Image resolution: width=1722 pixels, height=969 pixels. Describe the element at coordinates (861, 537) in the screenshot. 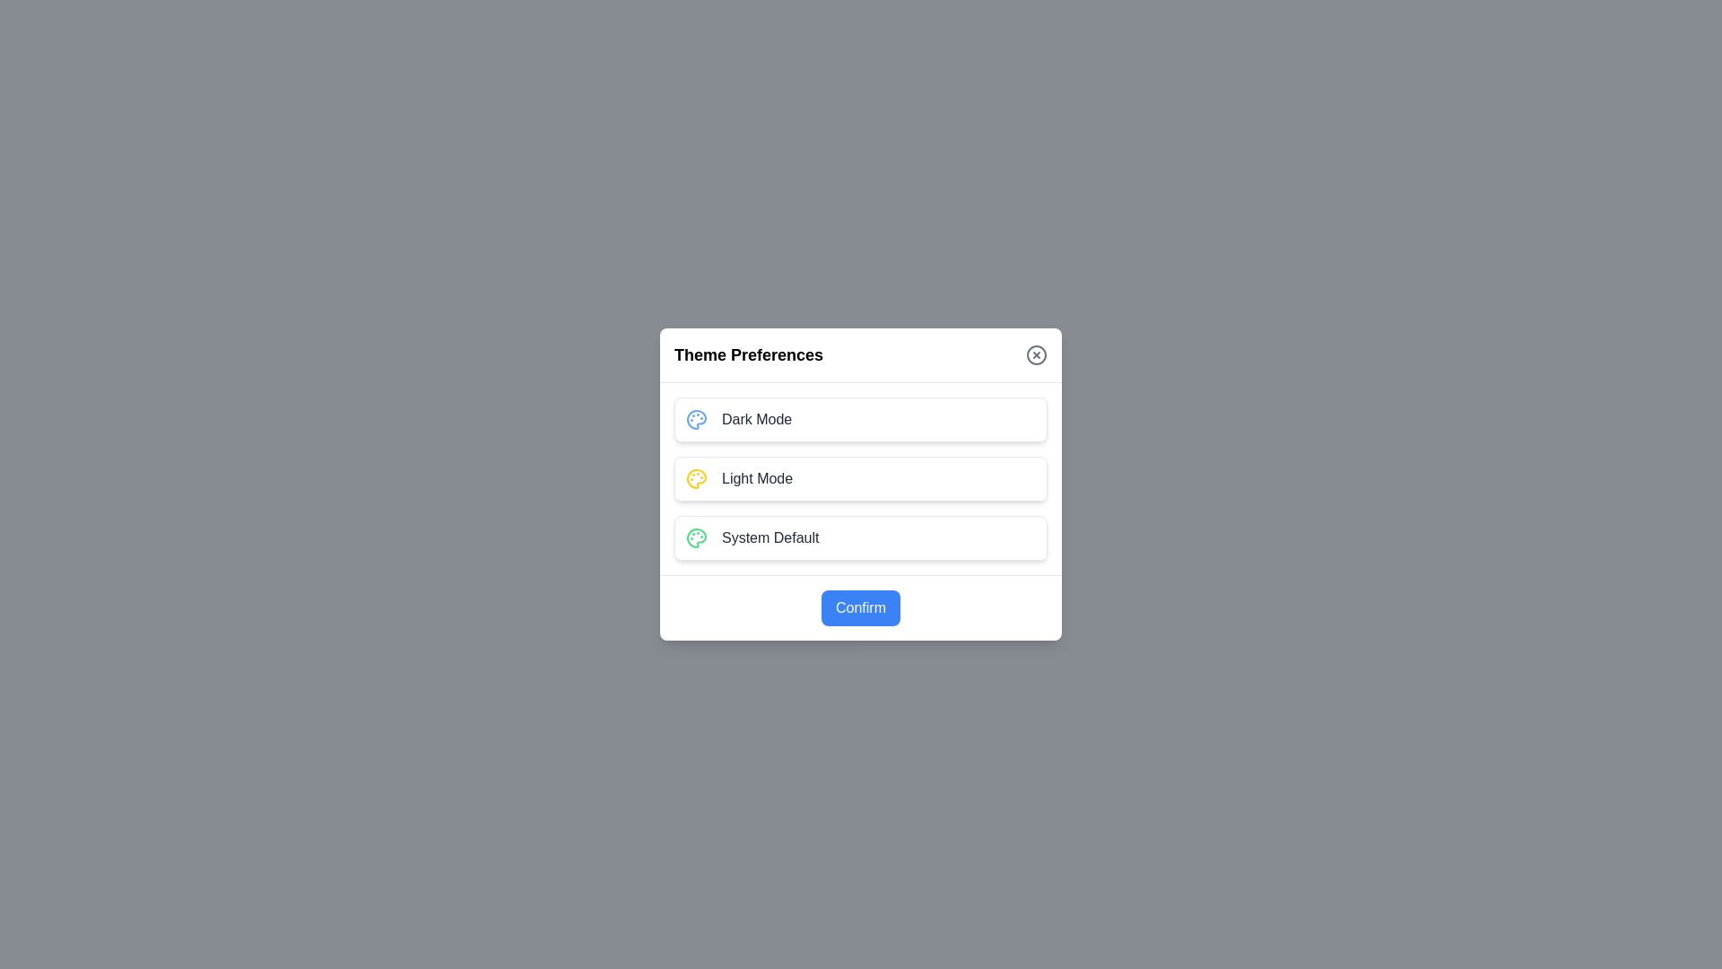

I see `the theme preference by clicking on the option corresponding to System Default` at that location.